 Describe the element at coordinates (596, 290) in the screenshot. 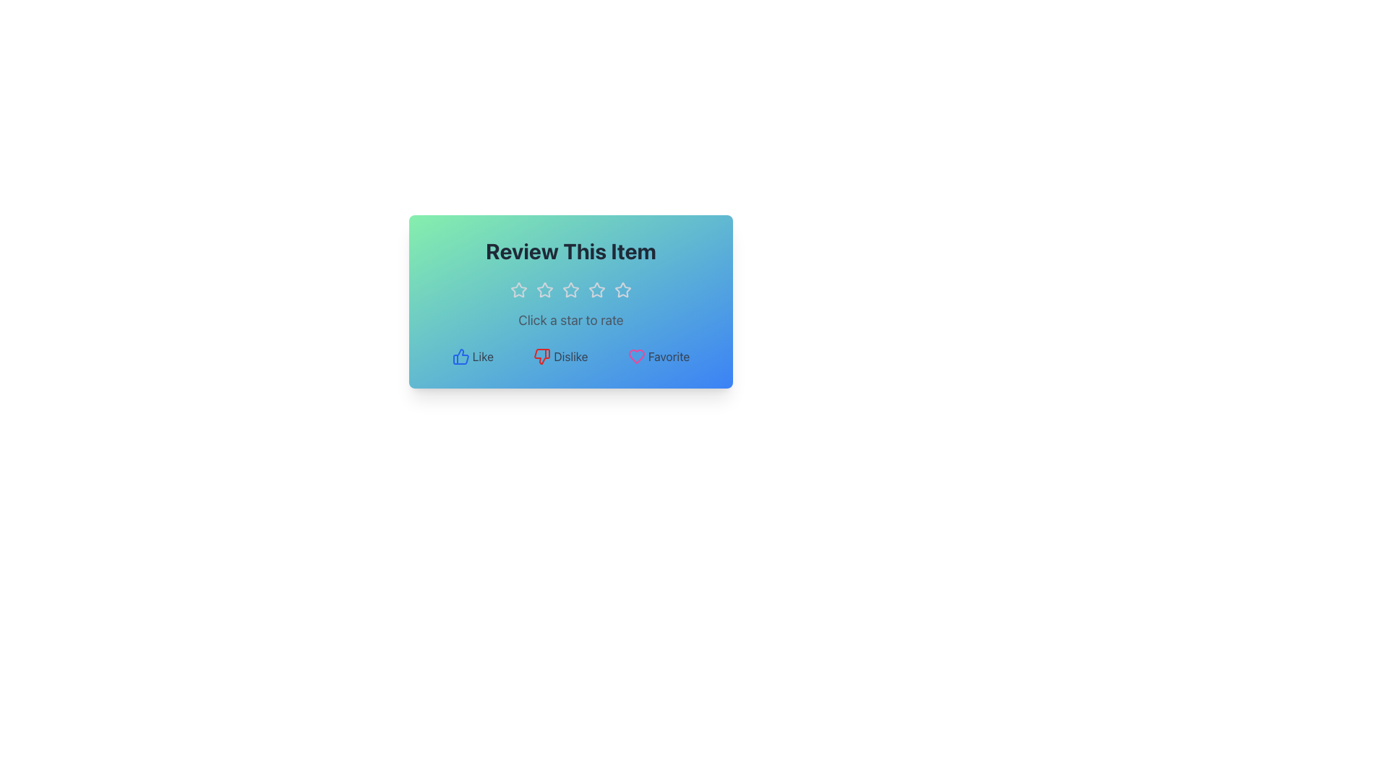

I see `the third star-shaped interactive icon to assign a rating under the text 'Click a star to rate'` at that location.